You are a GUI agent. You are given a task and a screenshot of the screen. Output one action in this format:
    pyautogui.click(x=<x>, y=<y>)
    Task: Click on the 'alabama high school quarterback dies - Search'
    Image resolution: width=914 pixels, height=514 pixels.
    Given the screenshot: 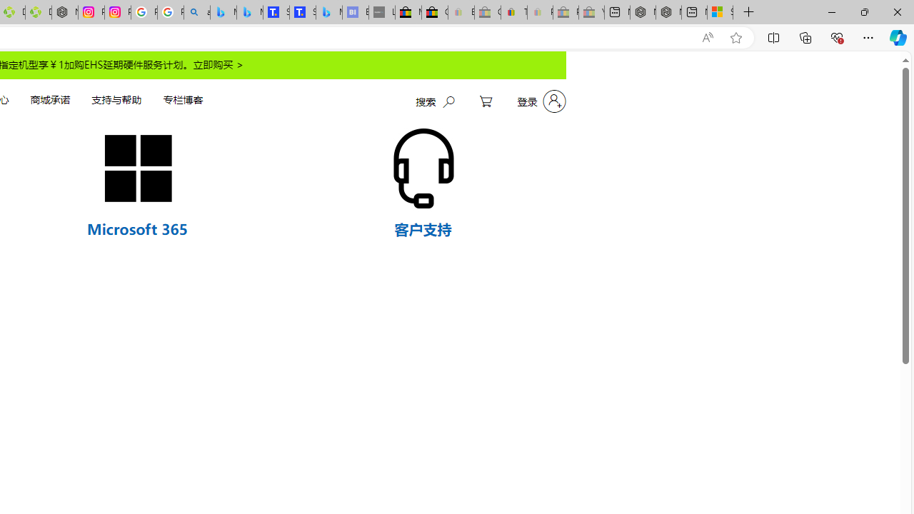 What is the action you would take?
    pyautogui.click(x=196, y=12)
    